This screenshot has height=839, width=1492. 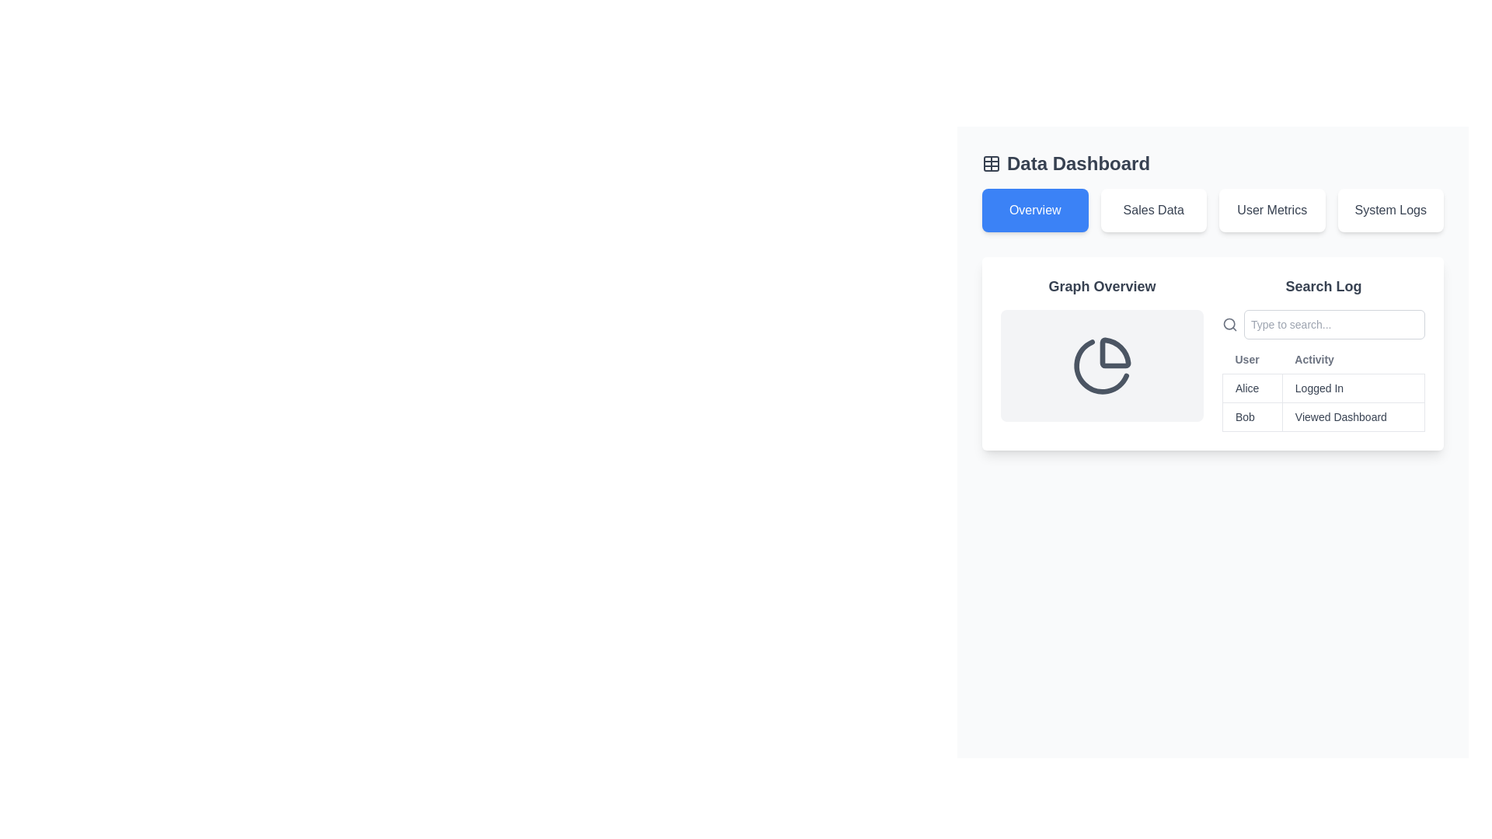 What do you see at coordinates (1323, 371) in the screenshot?
I see `a cell in the 'Search Log' table` at bounding box center [1323, 371].